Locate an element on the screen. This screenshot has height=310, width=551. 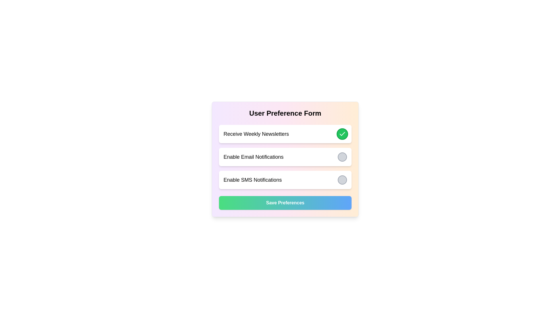
the text label that describes the preference option for receiving weekly newsletters, which is located to the left of a green circular icon with a checkmark is located at coordinates (256, 134).